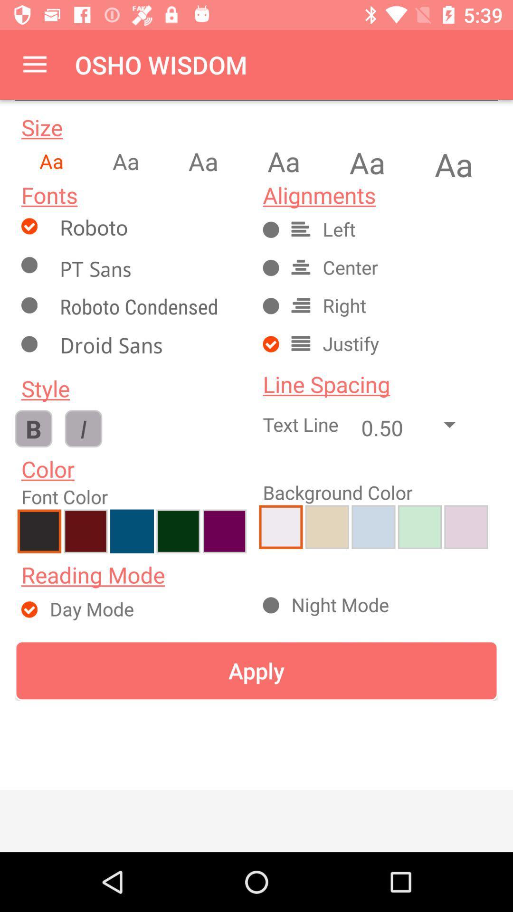 The width and height of the screenshot is (513, 912). What do you see at coordinates (326, 526) in the screenshot?
I see `change background color` at bounding box center [326, 526].